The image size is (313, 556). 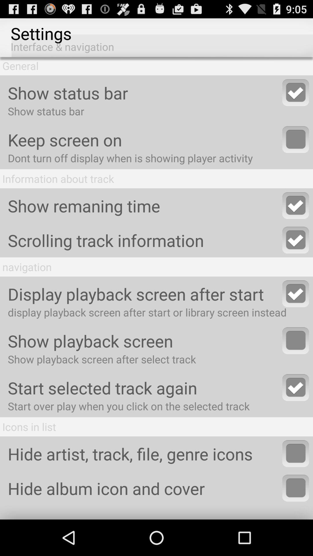 I want to click on unselect option, so click(x=296, y=387).